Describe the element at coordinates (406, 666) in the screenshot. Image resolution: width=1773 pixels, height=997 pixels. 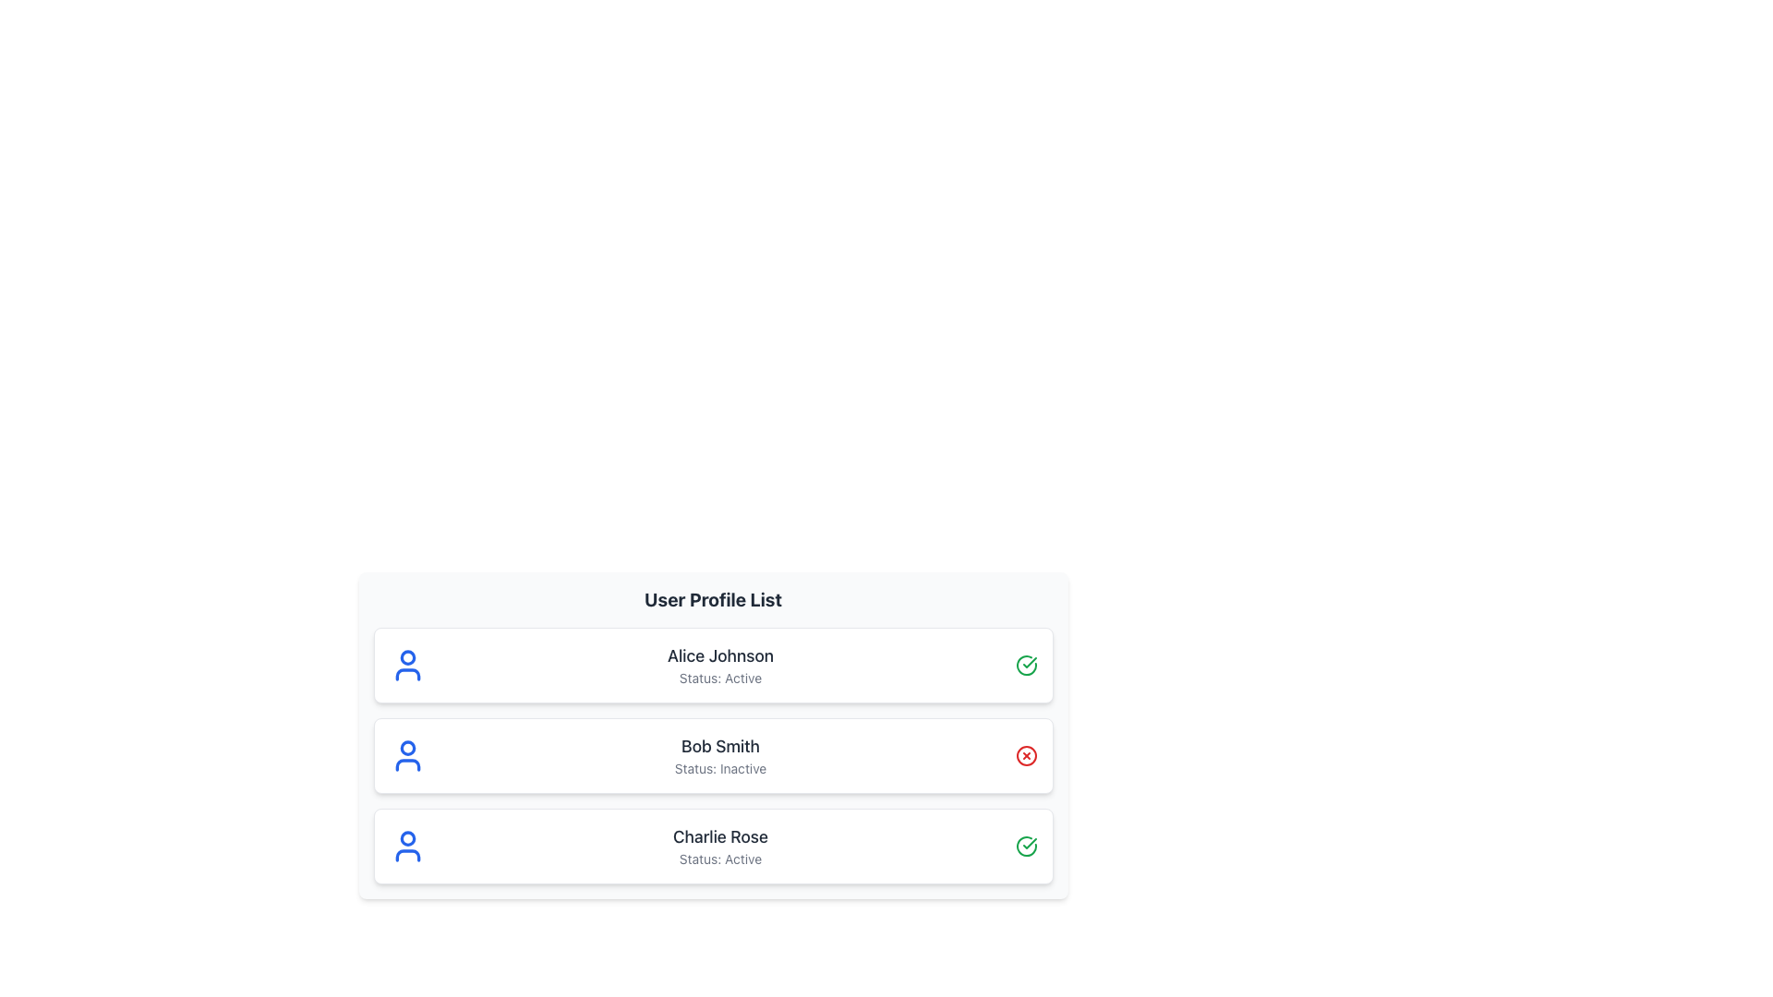
I see `the user icon, which is a large minimalist outline of a person in blue, located at the top left corner of the first user profile card` at that location.